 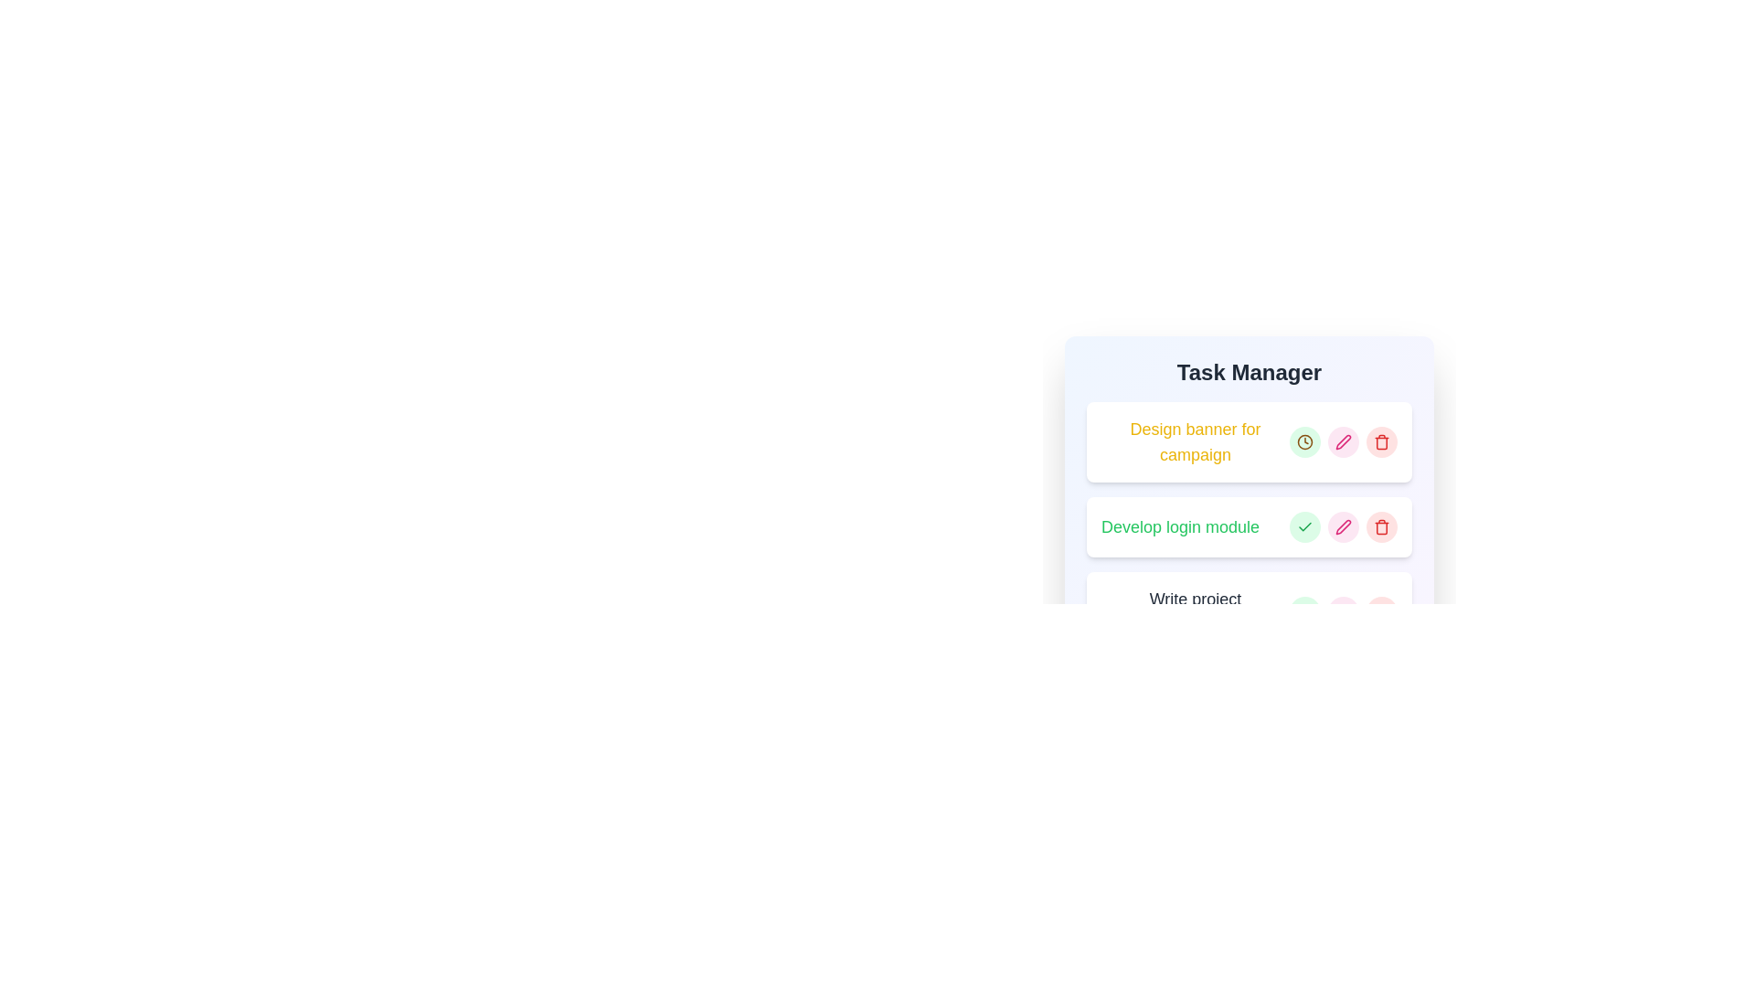 I want to click on the red trash icon button, which is the rightmost symbol in a horizontal button group, so click(x=1382, y=441).